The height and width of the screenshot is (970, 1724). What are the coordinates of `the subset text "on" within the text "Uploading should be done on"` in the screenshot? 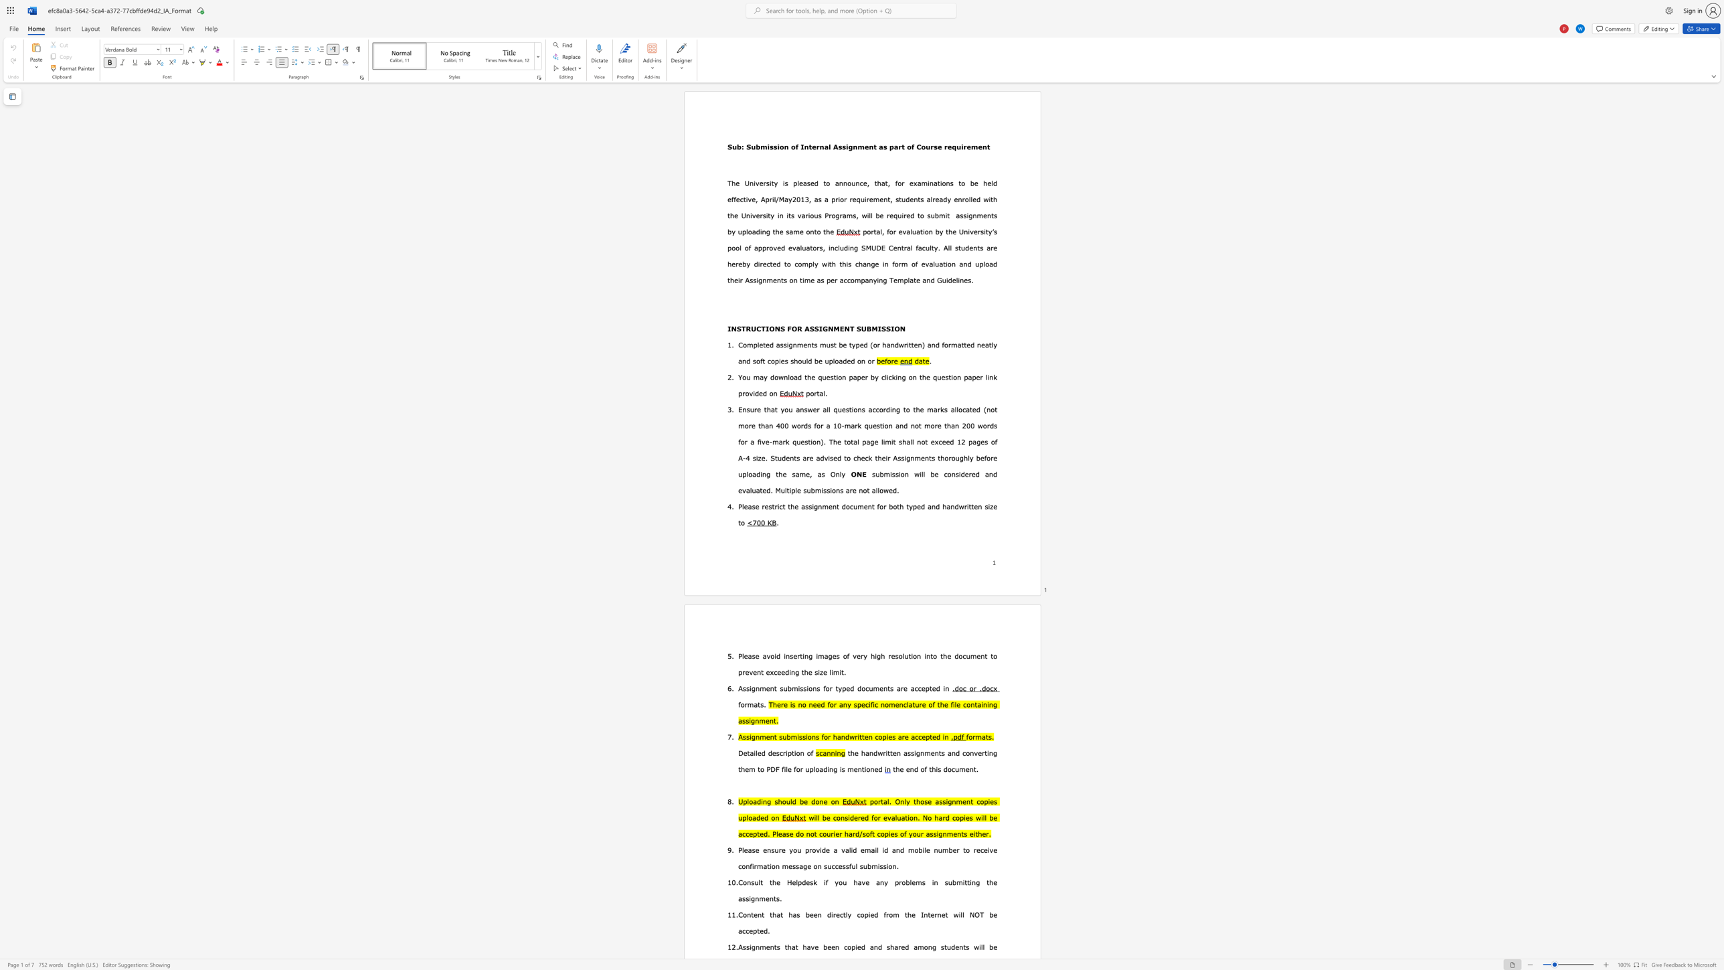 It's located at (830, 801).